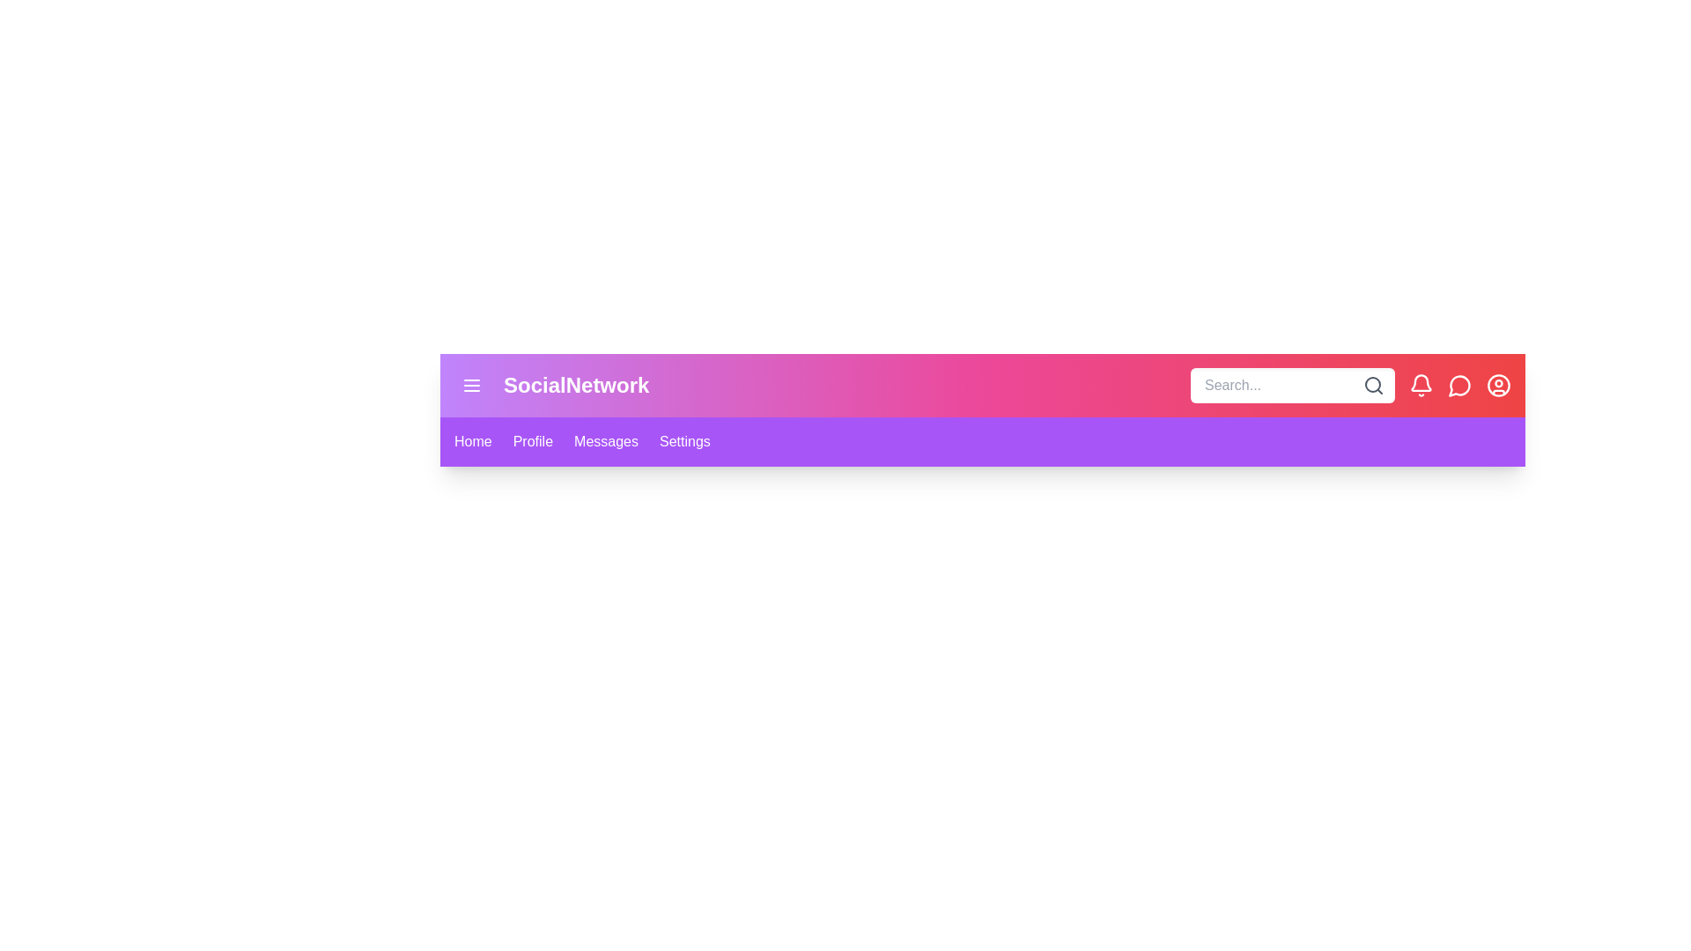 The width and height of the screenshot is (1691, 951). I want to click on the bell icon to view notifications, so click(1421, 385).